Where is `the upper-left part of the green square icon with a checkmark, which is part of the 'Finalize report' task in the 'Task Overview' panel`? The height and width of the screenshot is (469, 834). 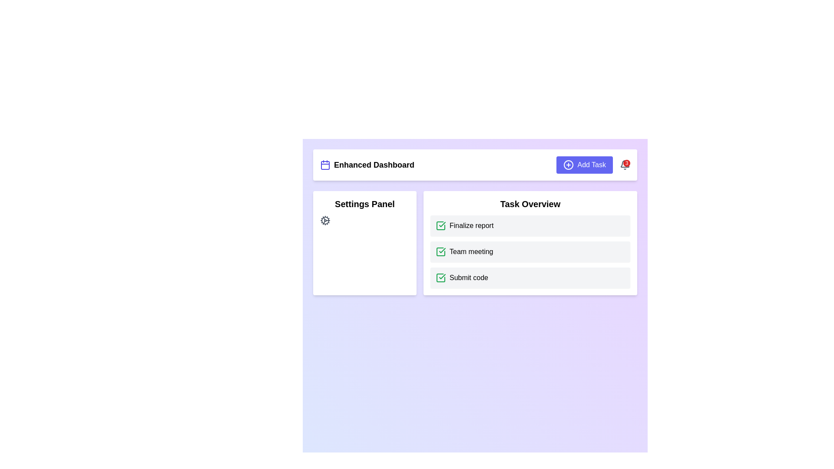 the upper-left part of the green square icon with a checkmark, which is part of the 'Finalize report' task in the 'Task Overview' panel is located at coordinates (440, 251).